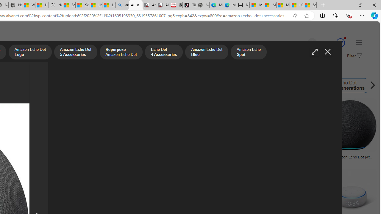 The width and height of the screenshot is (381, 214). What do you see at coordinates (189, 5) in the screenshot?
I see `'TikTok'` at bounding box center [189, 5].